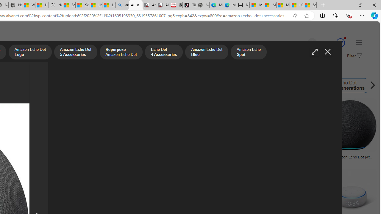 The width and height of the screenshot is (381, 214). What do you see at coordinates (189, 5) in the screenshot?
I see `'TikTok'` at bounding box center [189, 5].